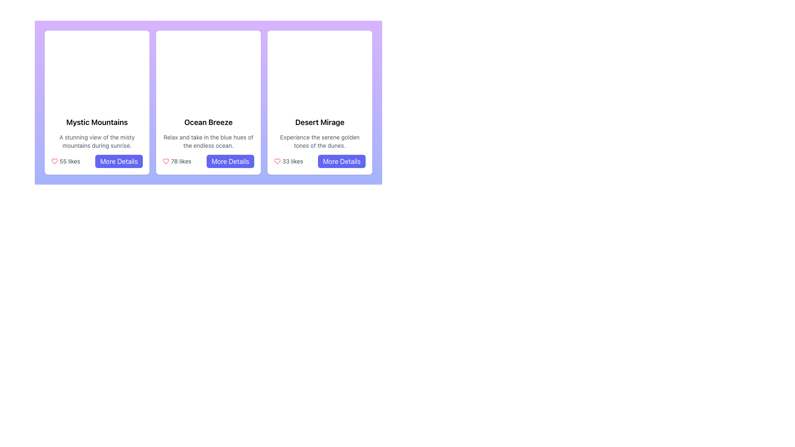 The image size is (795, 447). Describe the element at coordinates (342, 161) in the screenshot. I see `the 'More Details' button, which is an indigo rounded rectangle with white text, located in the lower-right corner of the 'Desert Mirage' card, to observe its style change` at that location.